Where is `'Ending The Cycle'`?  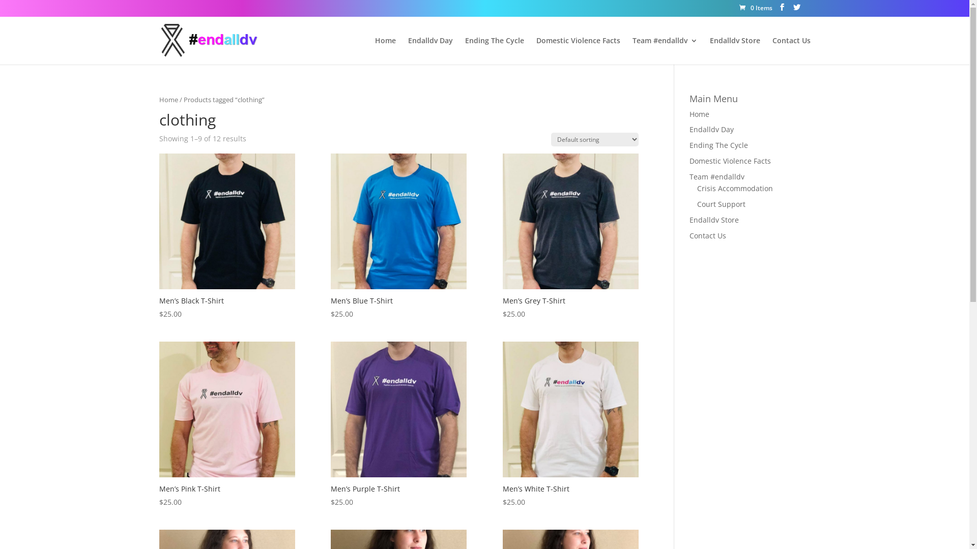 'Ending The Cycle' is located at coordinates (718, 145).